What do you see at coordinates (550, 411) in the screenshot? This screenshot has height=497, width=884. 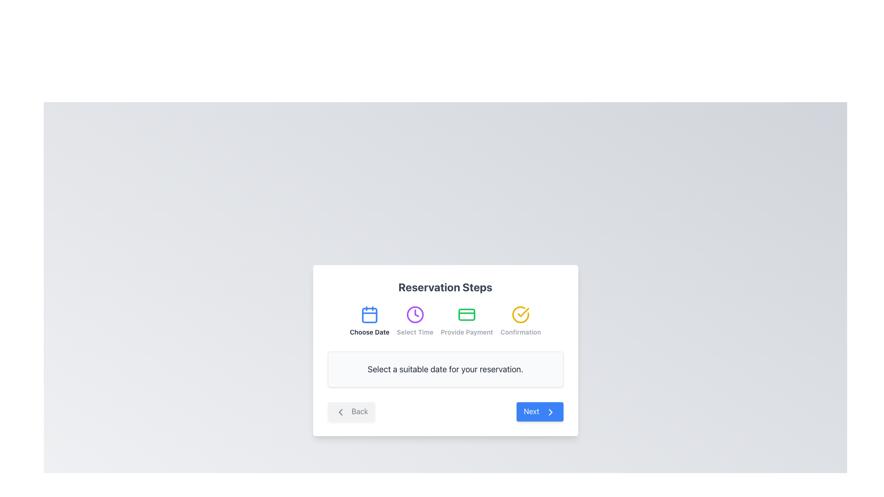 I see `the right-pointing chevron-shaped icon, which is a thin white outline on a blue circular button, located to the right of the text 'Next' within the blue rectangular button` at bounding box center [550, 411].